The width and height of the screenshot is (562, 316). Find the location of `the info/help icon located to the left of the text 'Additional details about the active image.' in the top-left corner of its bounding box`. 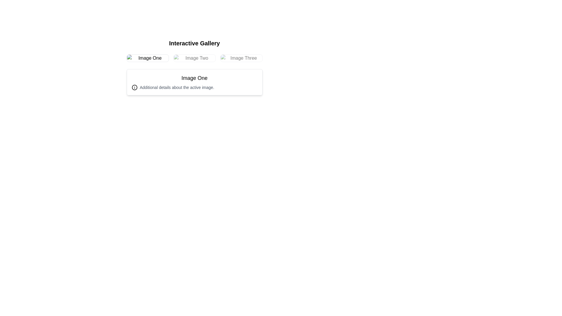

the info/help icon located to the left of the text 'Additional details about the active image.' in the top-left corner of its bounding box is located at coordinates (134, 87).